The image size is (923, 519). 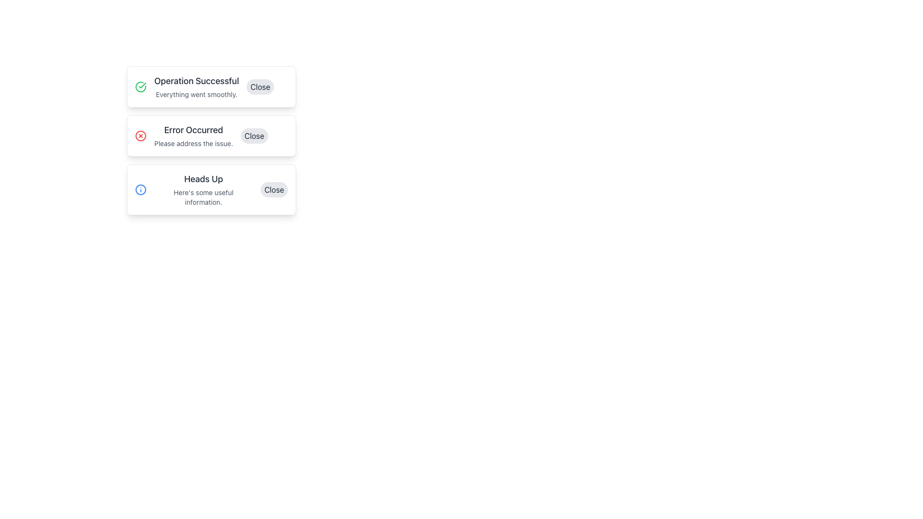 What do you see at coordinates (203, 197) in the screenshot?
I see `text content of the second element inside the card titled 'Heads Up', which is located third in the vertical sequence of cards` at bounding box center [203, 197].